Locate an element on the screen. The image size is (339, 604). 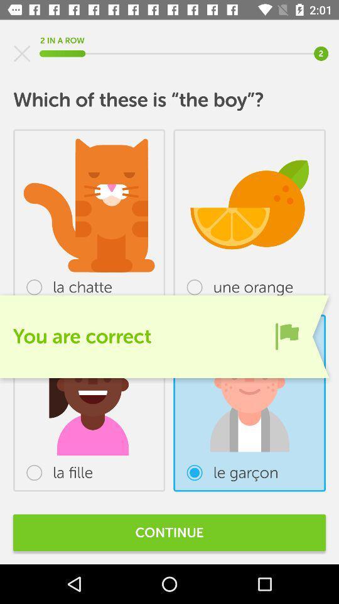
icon above the which of these icon is located at coordinates (22, 53).